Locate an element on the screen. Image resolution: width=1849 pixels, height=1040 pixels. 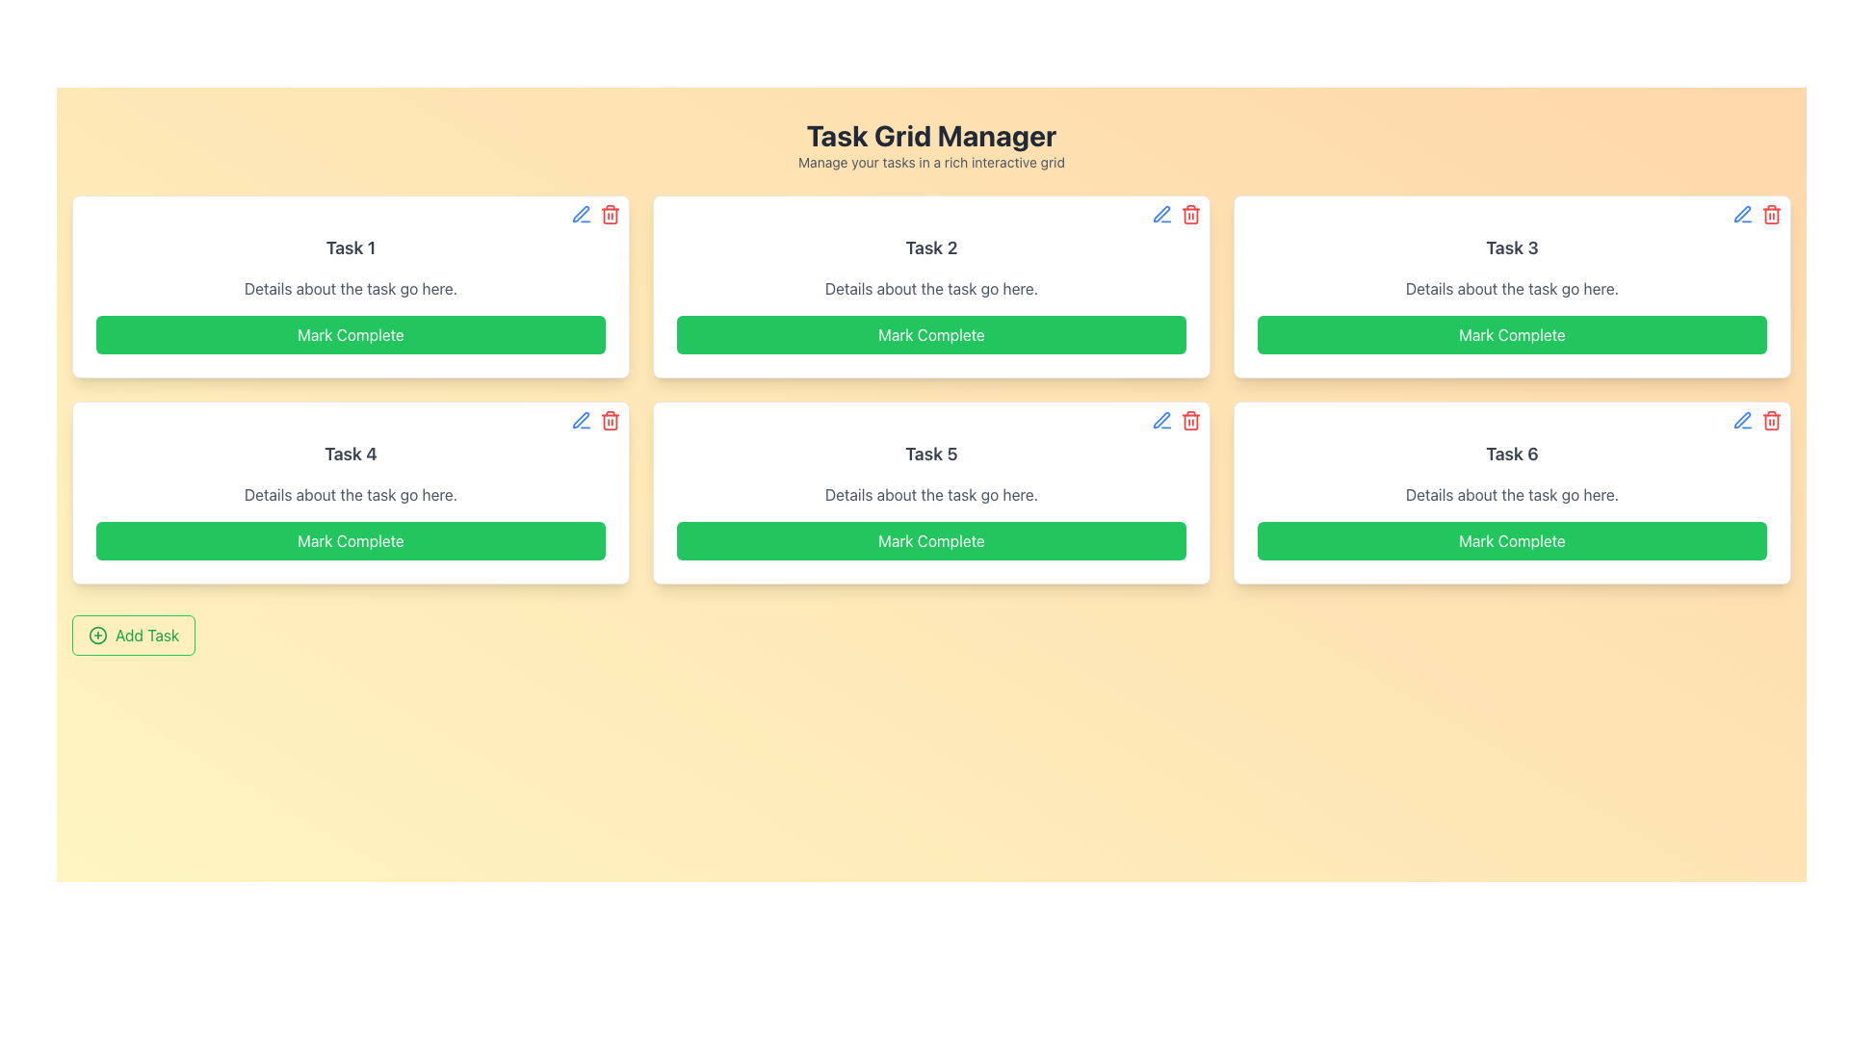
the text label displaying 'Task 4' which is prominently featured in a bold, large font and is located in the second row and first column of a 2x3 grid layout is located at coordinates (351, 454).